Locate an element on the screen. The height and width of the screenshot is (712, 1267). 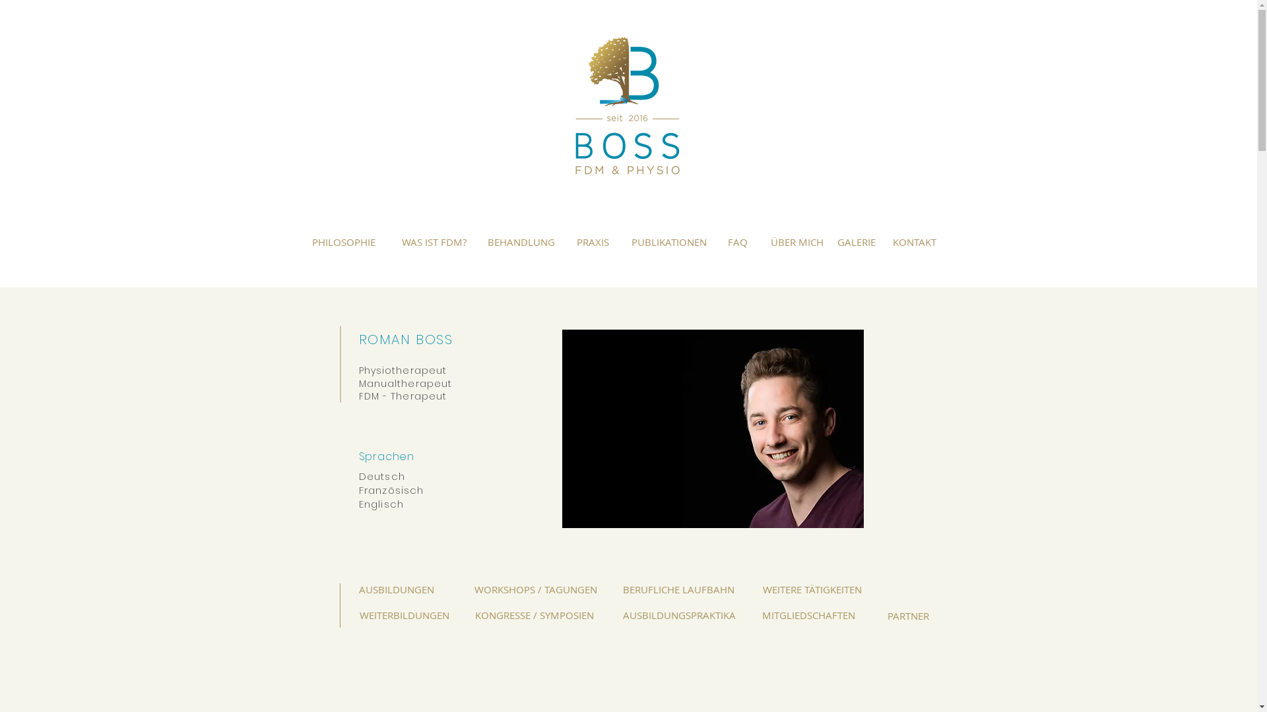
'AUSBILDUNGSPRAKTIKA' is located at coordinates (622, 615).